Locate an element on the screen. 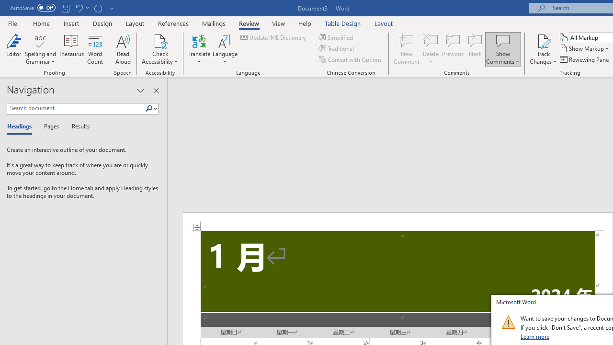  'Language' is located at coordinates (225, 49).